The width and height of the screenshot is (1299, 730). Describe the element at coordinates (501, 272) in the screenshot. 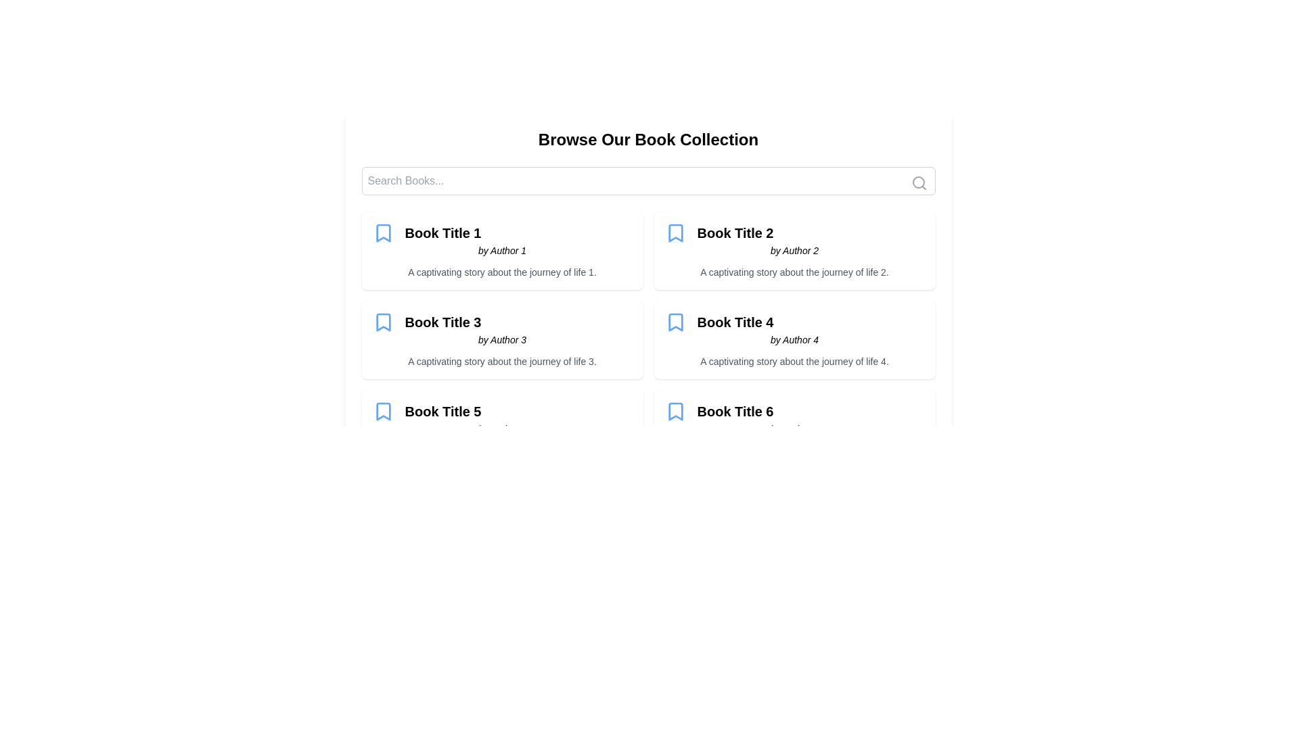

I see `the text label providing a brief description about 'Book Title 1' located in the first grid box of the book list interface` at that location.